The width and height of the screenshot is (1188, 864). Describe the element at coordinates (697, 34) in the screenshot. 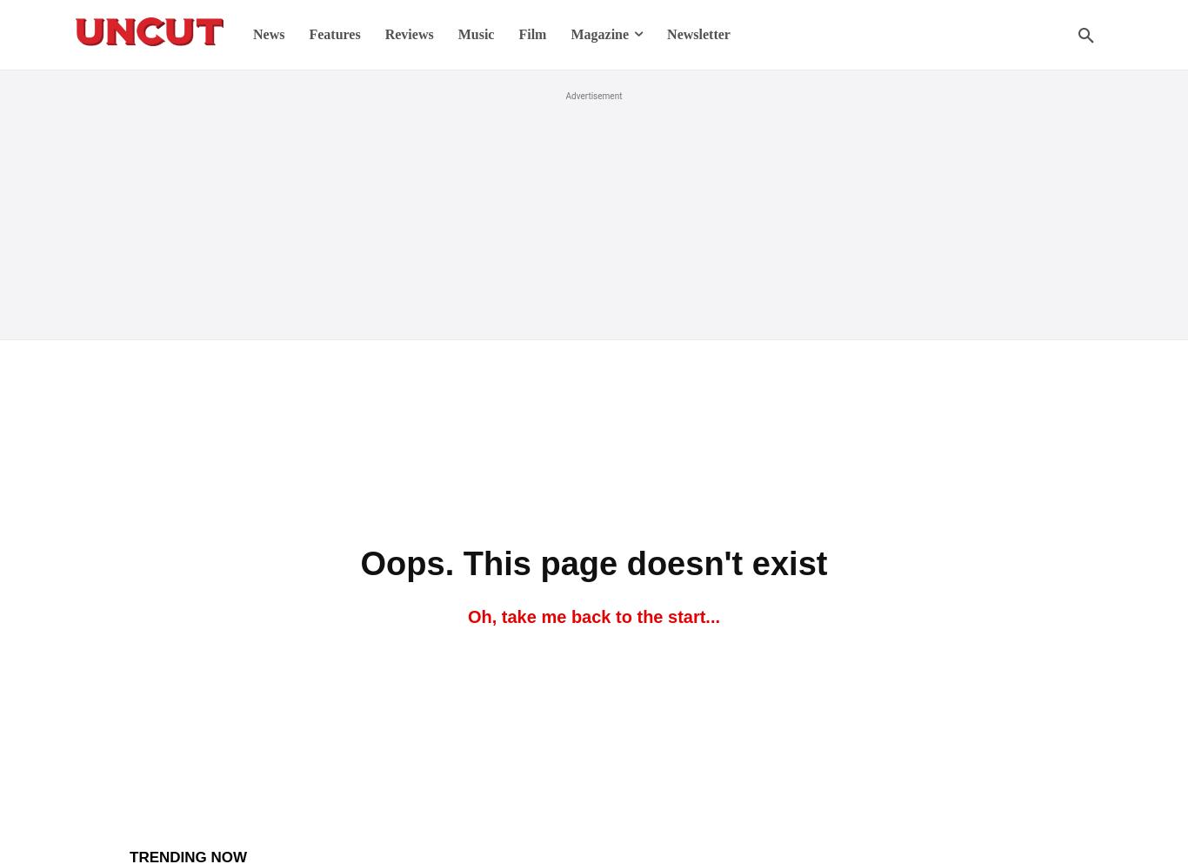

I see `'Newsletter'` at that location.